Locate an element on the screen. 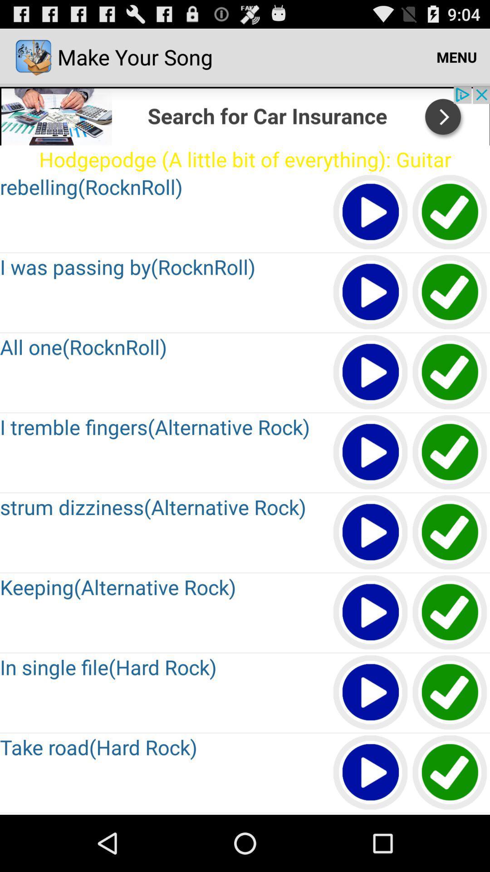 The height and width of the screenshot is (872, 490). all one rockn roll is located at coordinates (450, 372).